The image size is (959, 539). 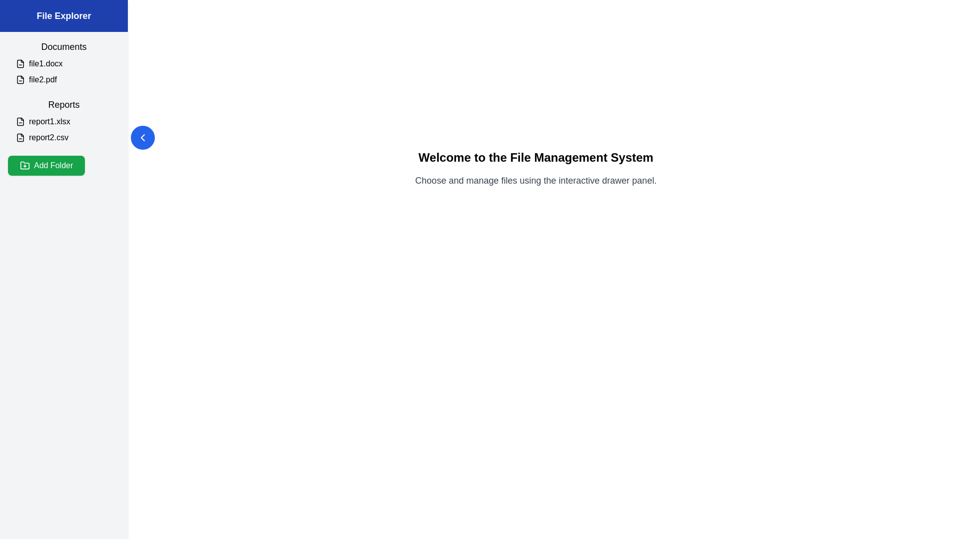 What do you see at coordinates (20, 138) in the screenshot?
I see `the document icon representing the 'report2.csv' entry, which is the second document icon in the 'Reports' section of the left sidebar file explorer` at bounding box center [20, 138].